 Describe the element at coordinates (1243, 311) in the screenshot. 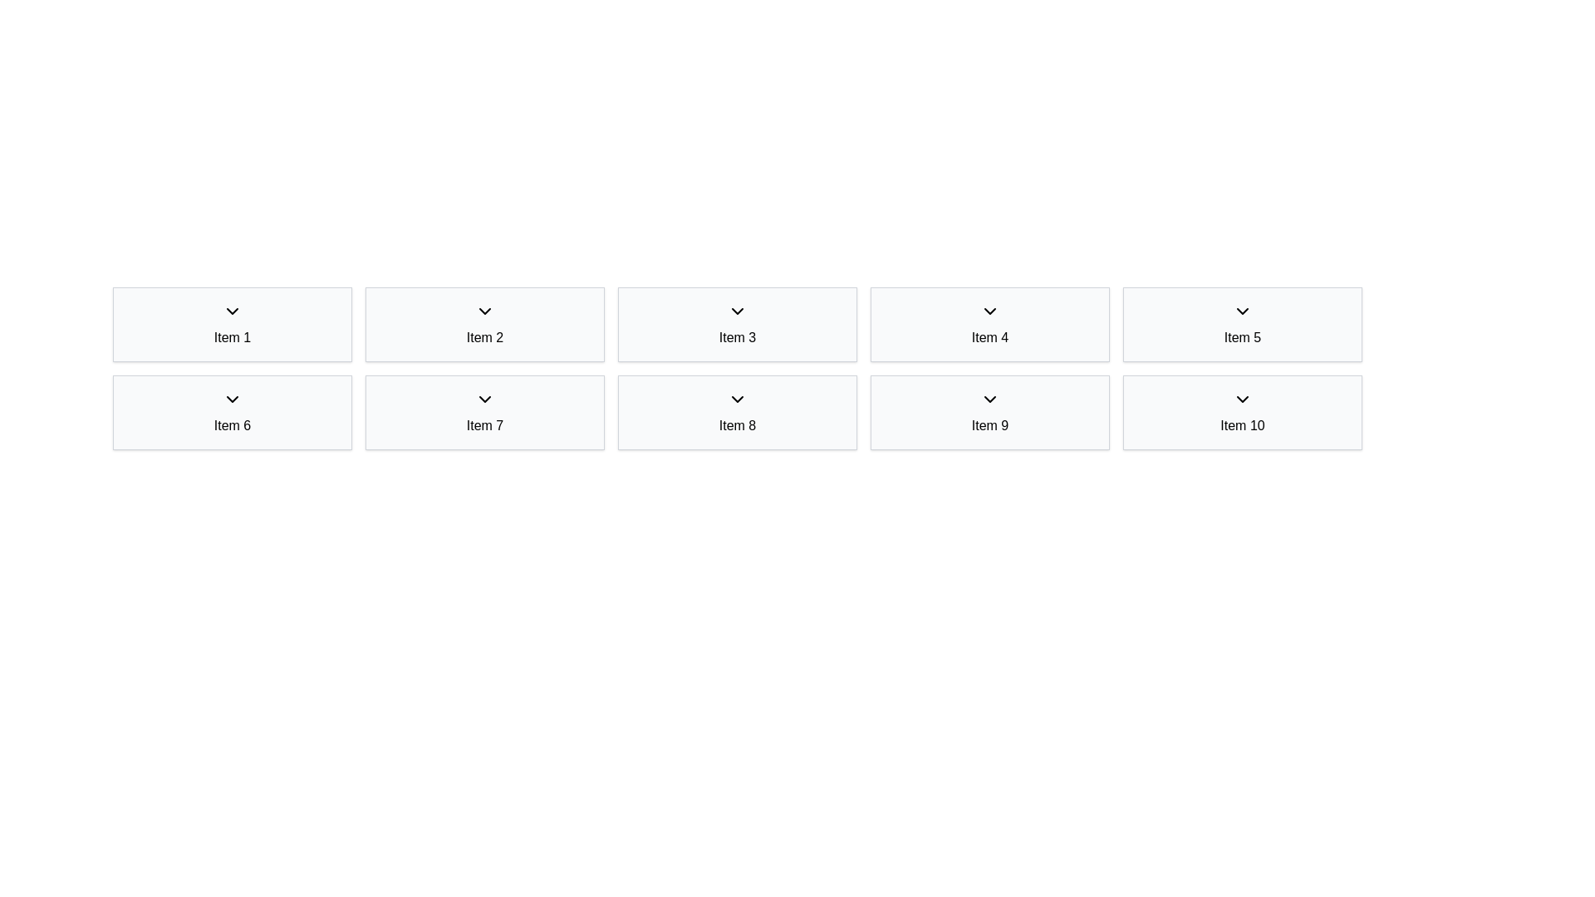

I see `the expandable/collapsible icon located in the top-right portion of the grid layout above 'Item 5'` at that location.